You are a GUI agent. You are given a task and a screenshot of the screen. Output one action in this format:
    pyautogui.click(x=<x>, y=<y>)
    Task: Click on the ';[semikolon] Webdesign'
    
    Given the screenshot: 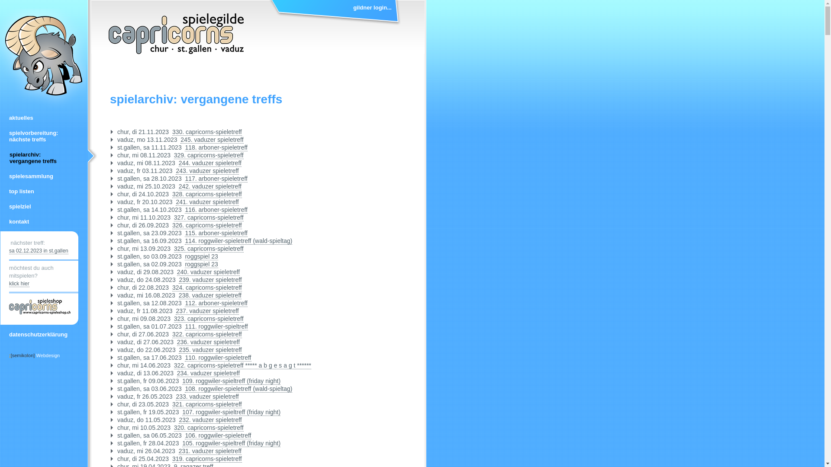 What is the action you would take?
    pyautogui.click(x=34, y=355)
    